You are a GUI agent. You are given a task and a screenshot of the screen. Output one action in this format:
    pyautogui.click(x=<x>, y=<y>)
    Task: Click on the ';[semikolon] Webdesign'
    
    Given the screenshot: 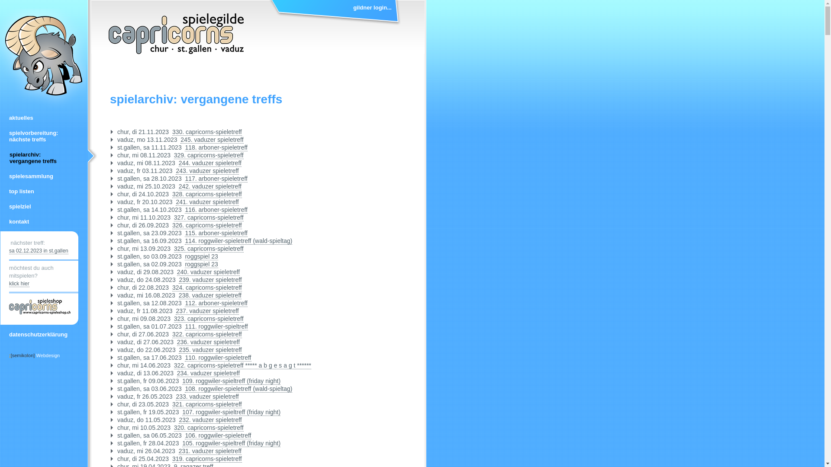 What is the action you would take?
    pyautogui.click(x=34, y=355)
    